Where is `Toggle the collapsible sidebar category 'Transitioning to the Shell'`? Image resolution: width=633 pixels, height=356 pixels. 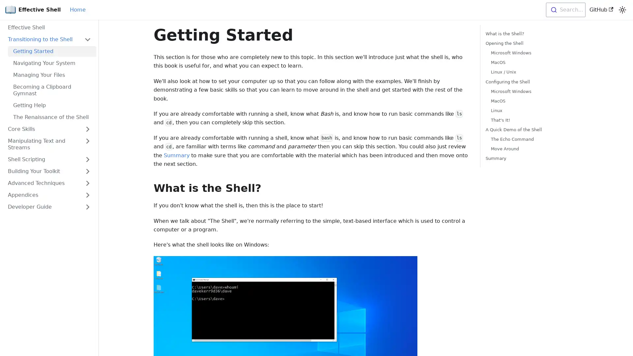
Toggle the collapsible sidebar category 'Transitioning to the Shell' is located at coordinates (87, 39).